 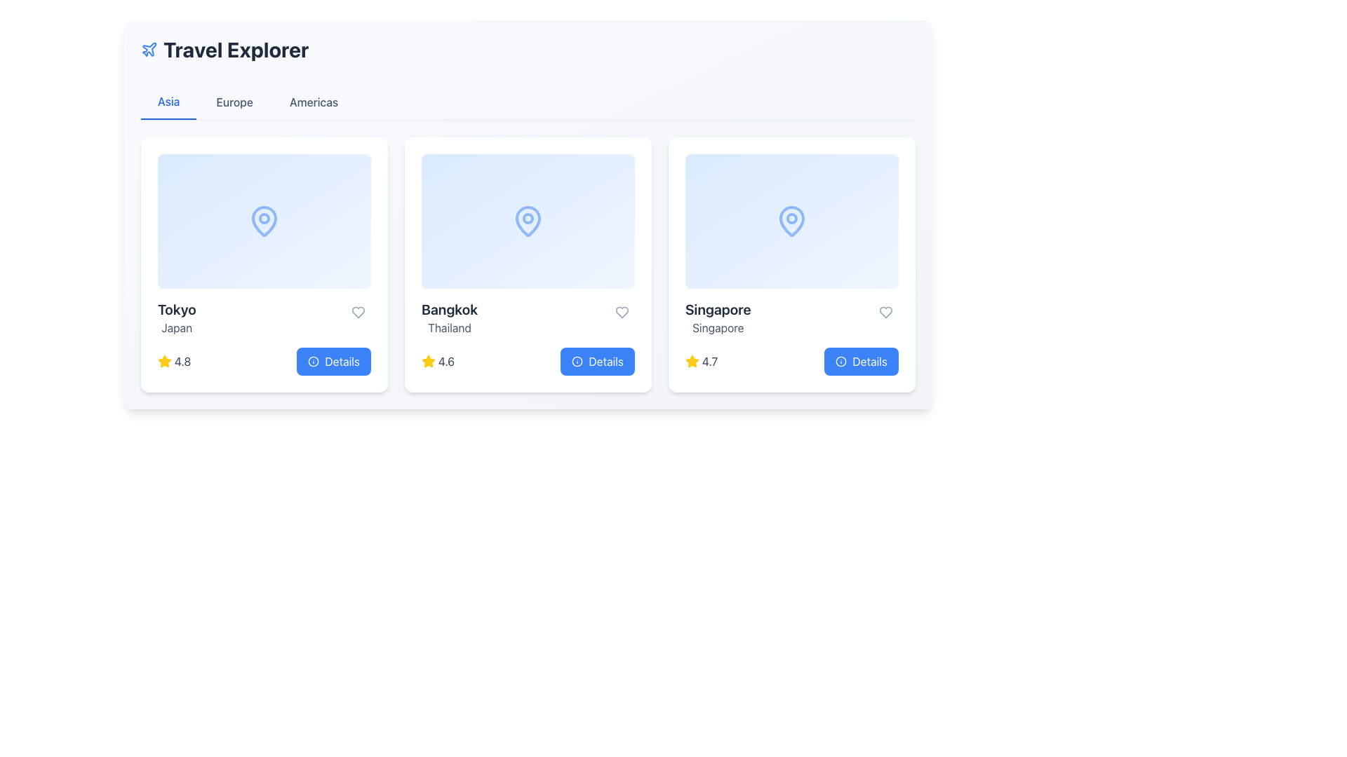 I want to click on central circular vector graphic of the information icon within the 'Details' button for the Singapore card, so click(x=841, y=361).